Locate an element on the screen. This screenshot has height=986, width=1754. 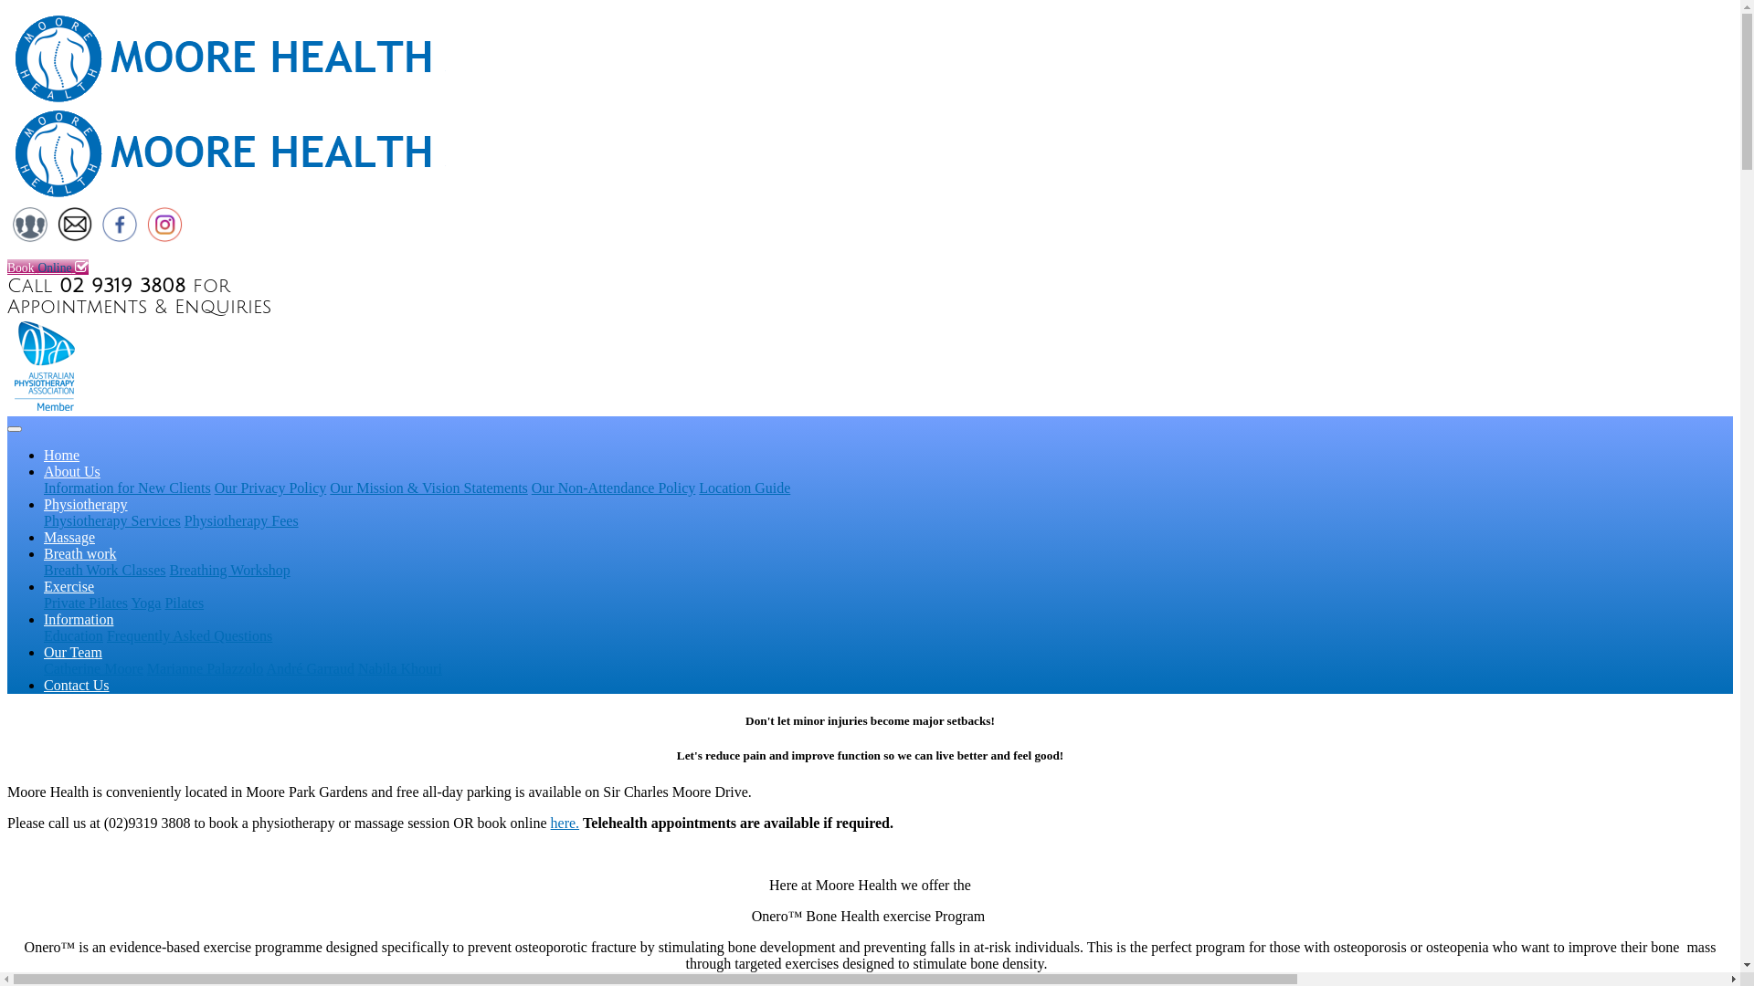
'About Us' is located at coordinates (71, 470).